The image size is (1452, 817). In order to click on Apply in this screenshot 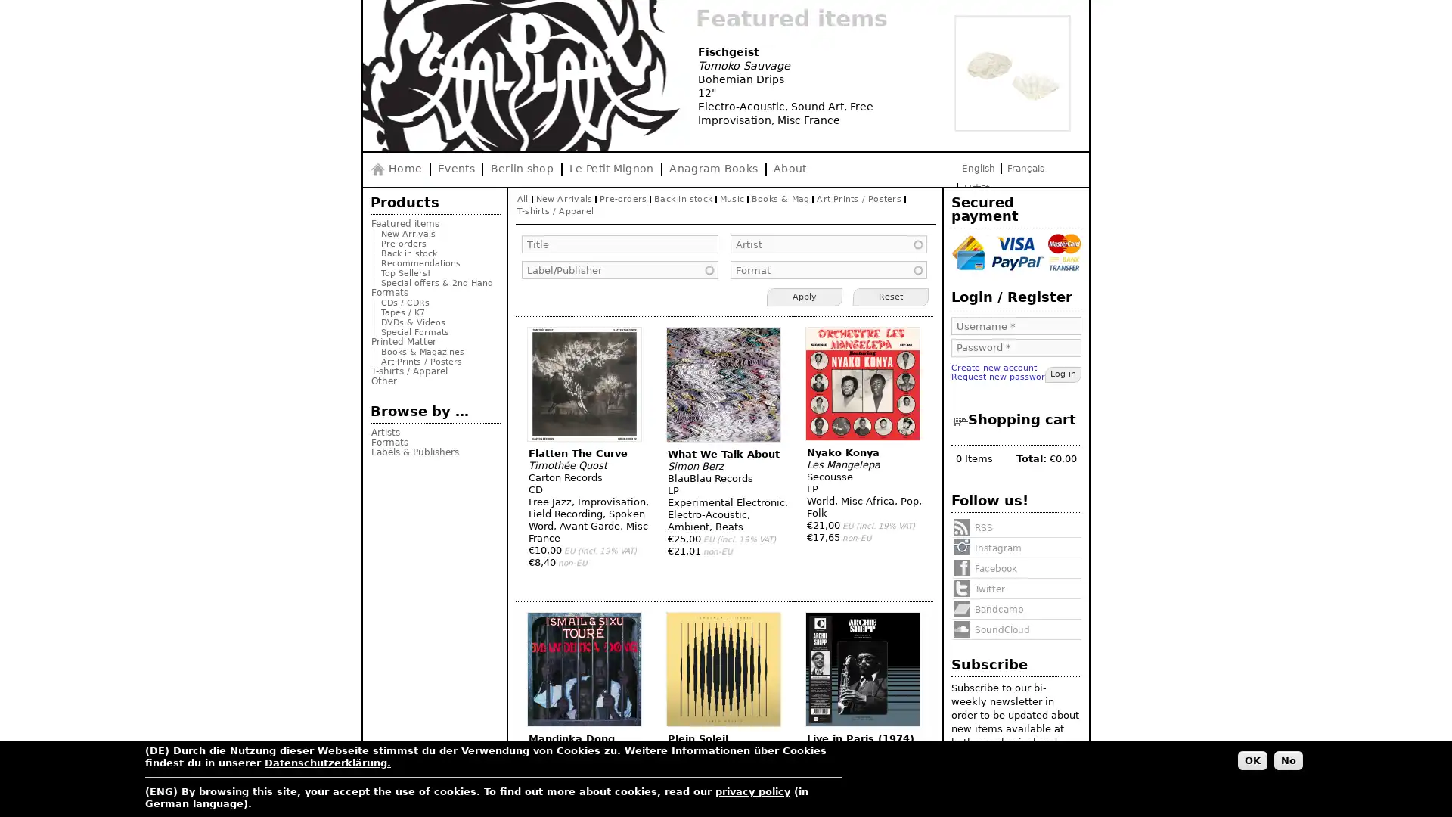, I will do `click(804, 297)`.